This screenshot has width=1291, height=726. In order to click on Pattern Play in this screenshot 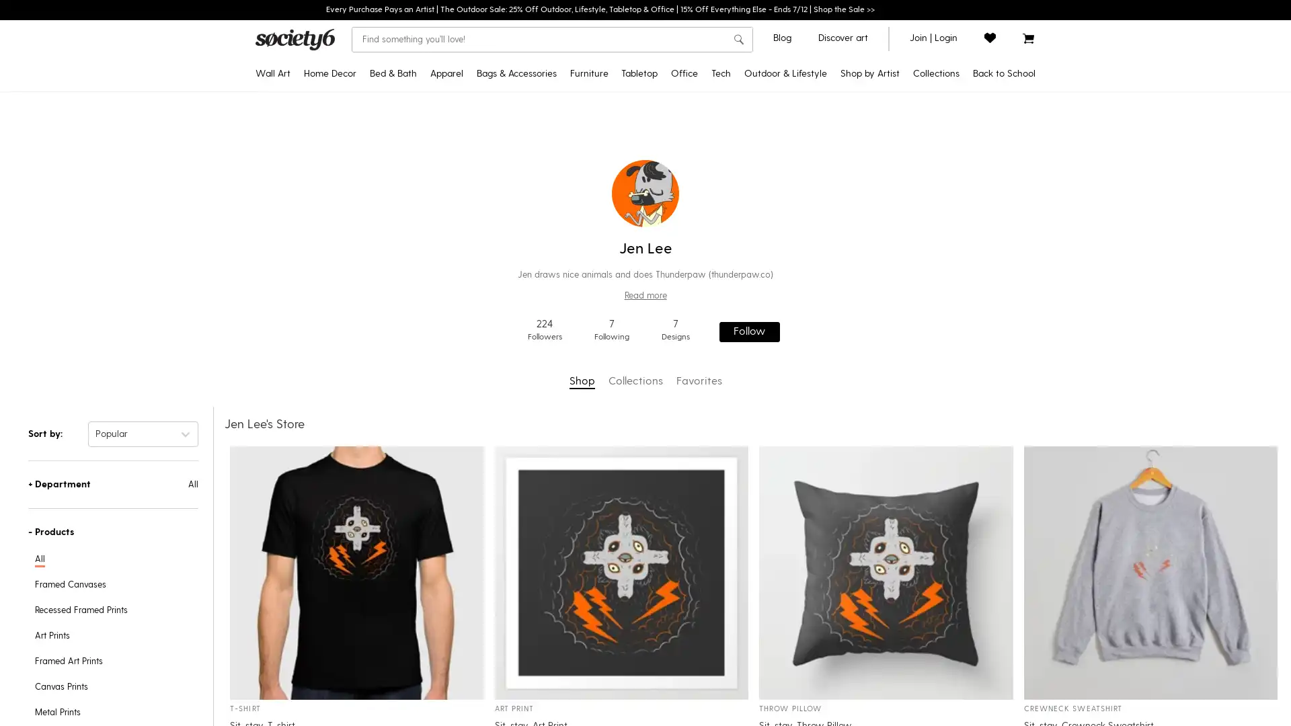, I will do `click(886, 281)`.